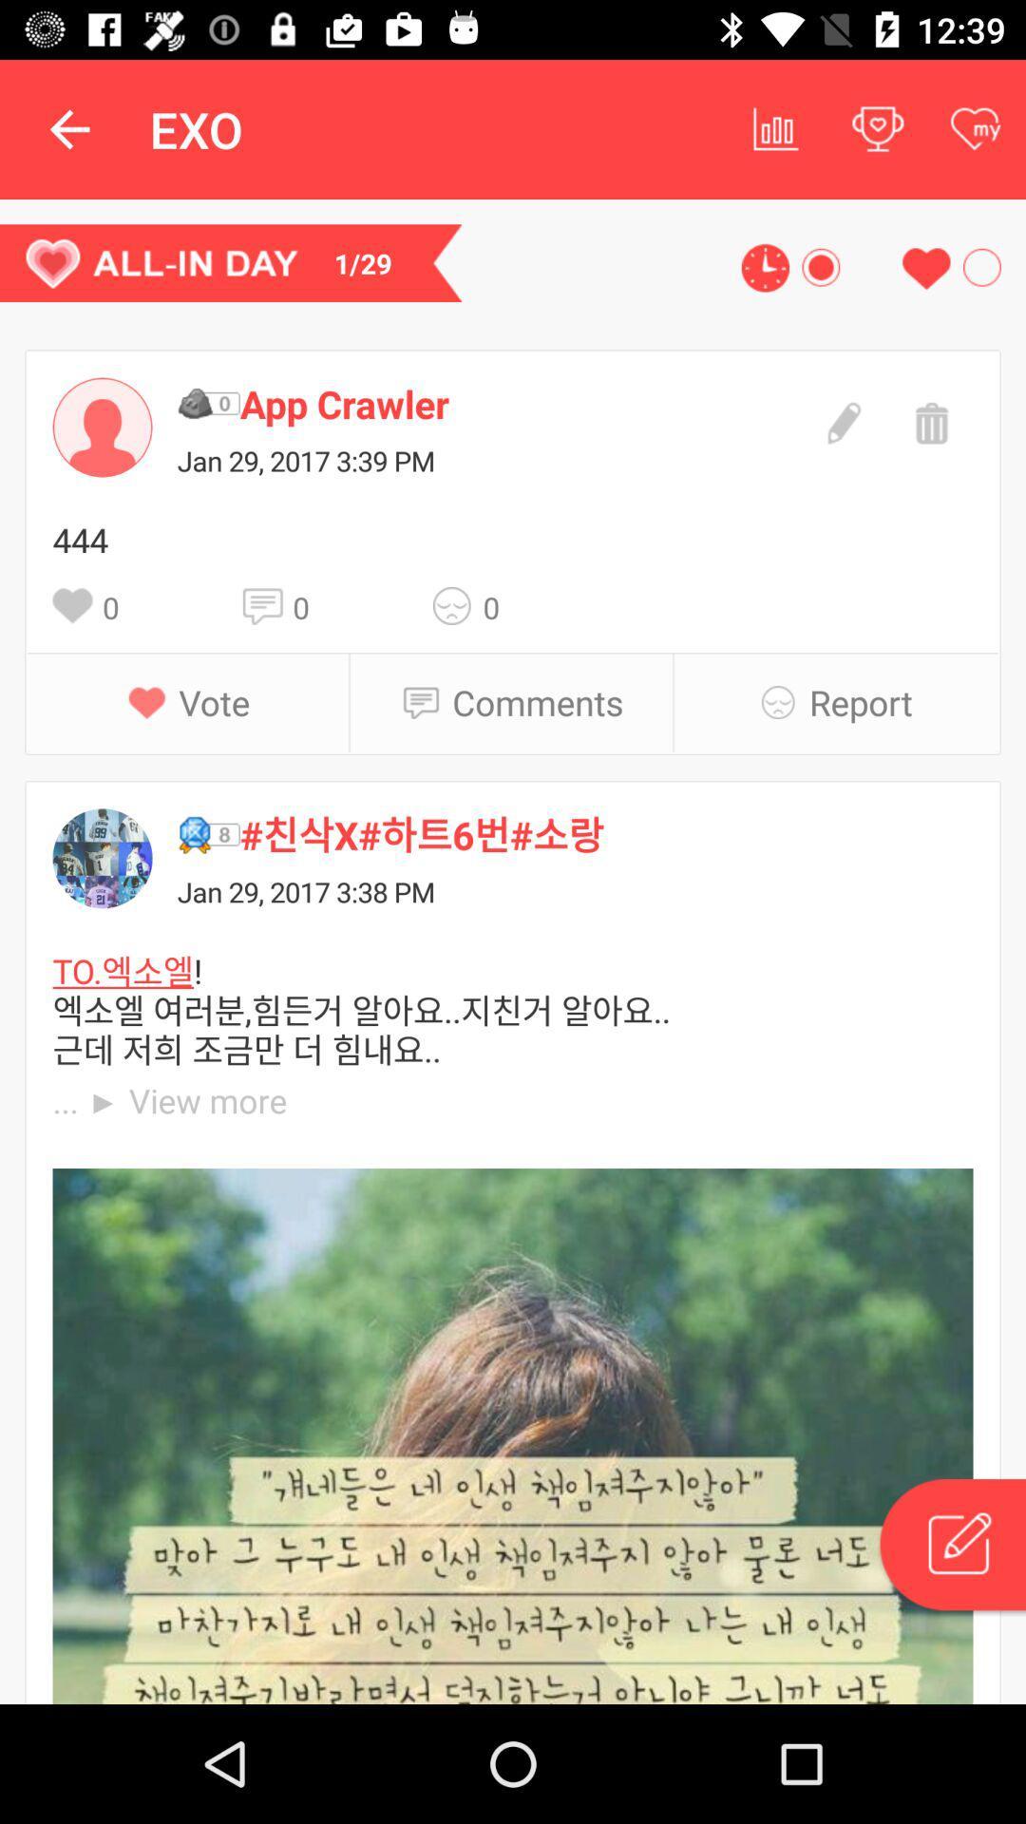 The image size is (1026, 1824). What do you see at coordinates (928, 420) in the screenshot?
I see `delete entry` at bounding box center [928, 420].